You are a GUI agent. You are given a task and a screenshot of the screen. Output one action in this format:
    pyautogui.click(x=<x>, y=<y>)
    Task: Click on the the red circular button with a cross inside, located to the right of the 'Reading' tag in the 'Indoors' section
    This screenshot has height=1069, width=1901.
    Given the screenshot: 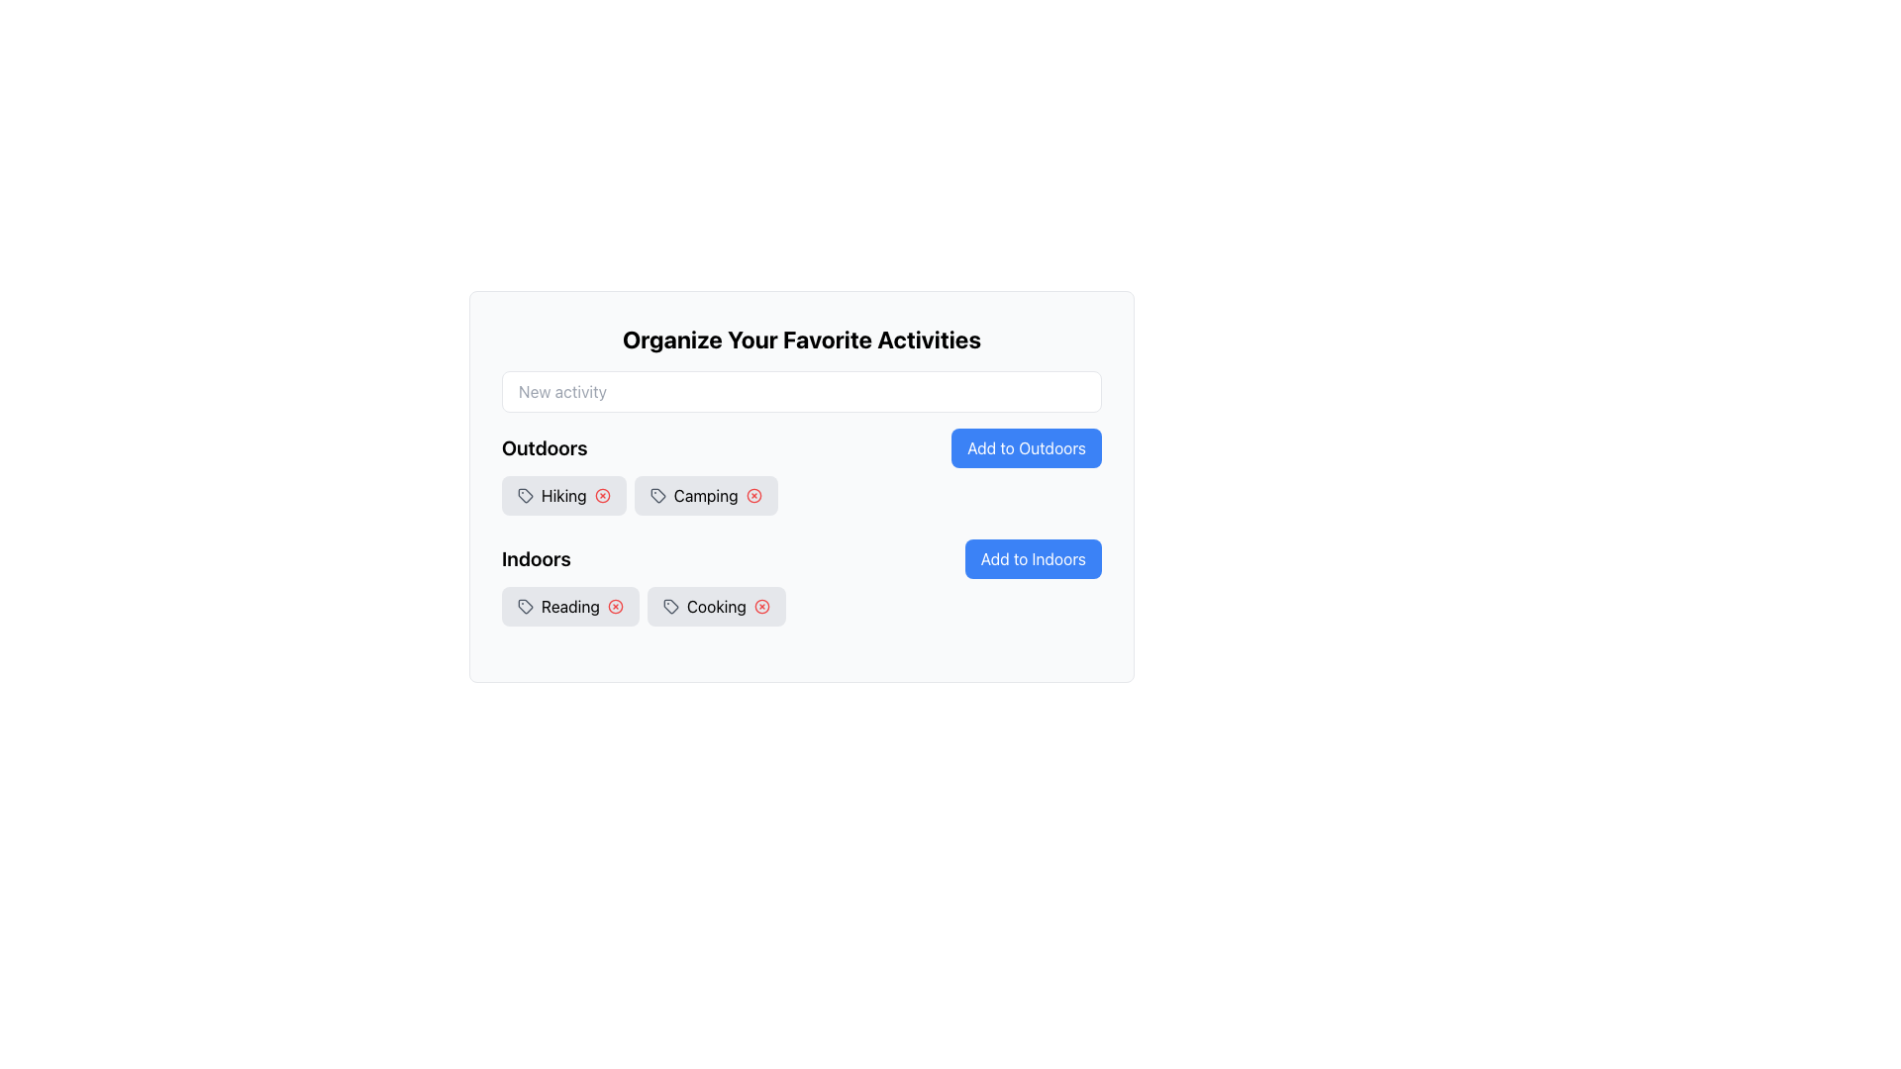 What is the action you would take?
    pyautogui.click(x=614, y=606)
    